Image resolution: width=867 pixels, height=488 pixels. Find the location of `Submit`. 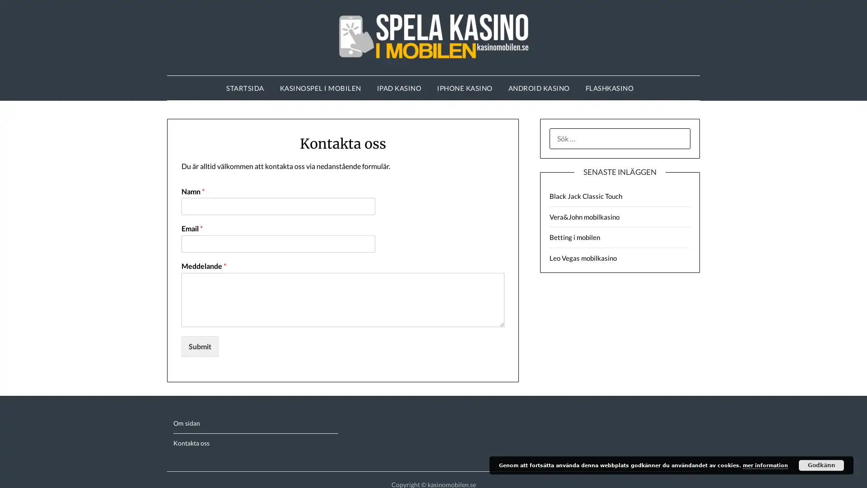

Submit is located at coordinates (199, 346).